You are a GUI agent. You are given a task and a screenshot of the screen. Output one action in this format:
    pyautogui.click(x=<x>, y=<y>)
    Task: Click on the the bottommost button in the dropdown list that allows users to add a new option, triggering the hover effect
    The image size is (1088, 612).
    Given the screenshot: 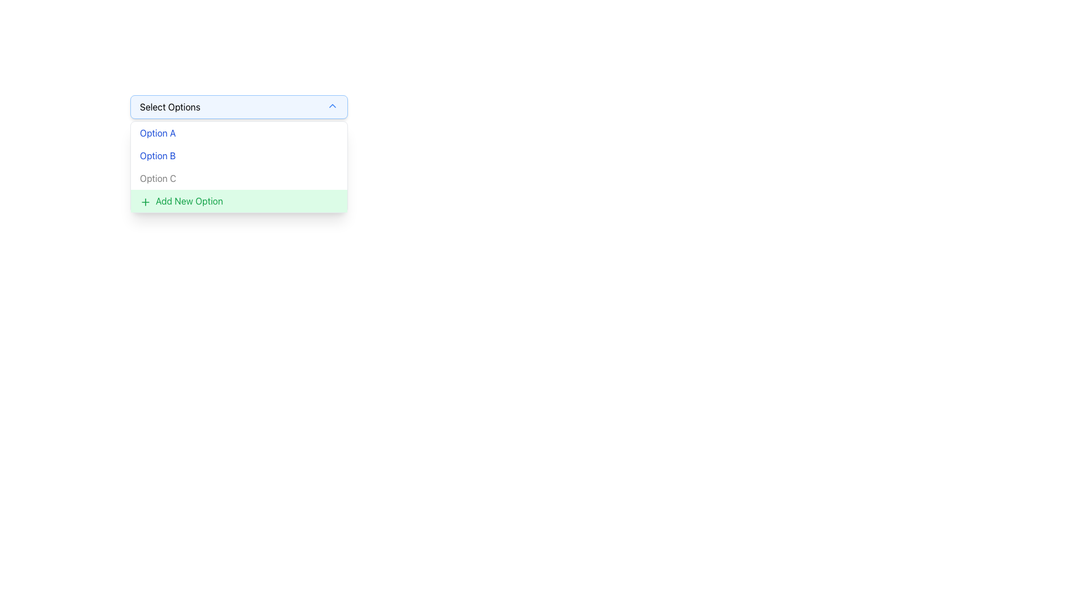 What is the action you would take?
    pyautogui.click(x=239, y=200)
    